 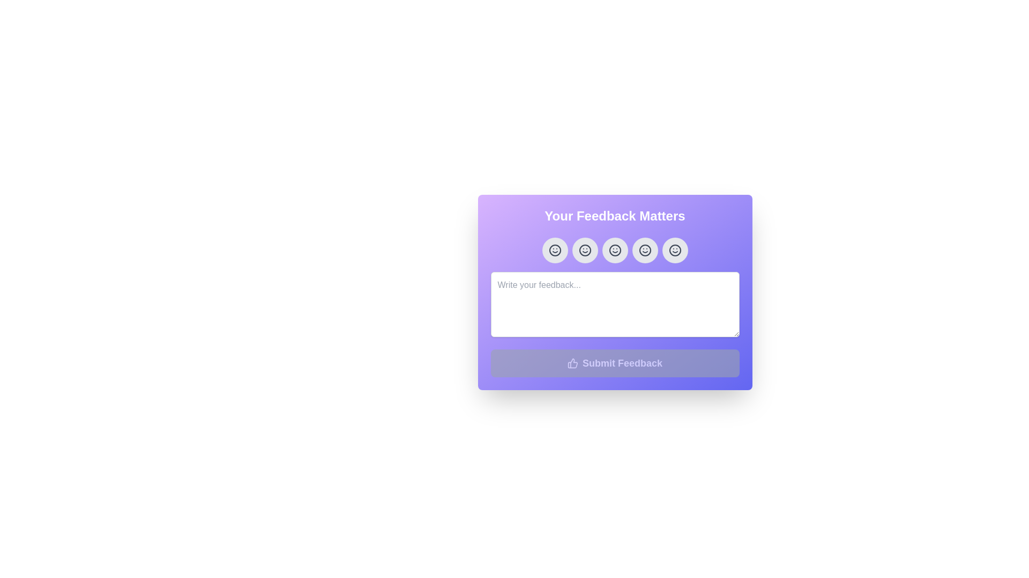 I want to click on the first icon representing a selectable negative or neutral feedback option in the horizontal list of smiley faces located near the top-center of the feedback form, so click(x=555, y=250).